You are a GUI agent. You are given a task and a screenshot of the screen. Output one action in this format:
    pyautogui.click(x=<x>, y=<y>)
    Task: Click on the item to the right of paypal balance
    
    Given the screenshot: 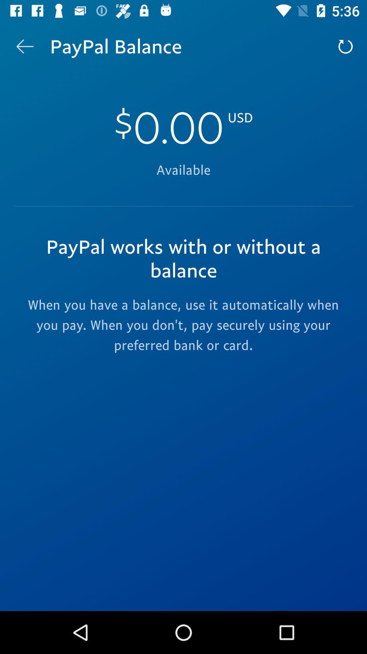 What is the action you would take?
    pyautogui.click(x=346, y=46)
    